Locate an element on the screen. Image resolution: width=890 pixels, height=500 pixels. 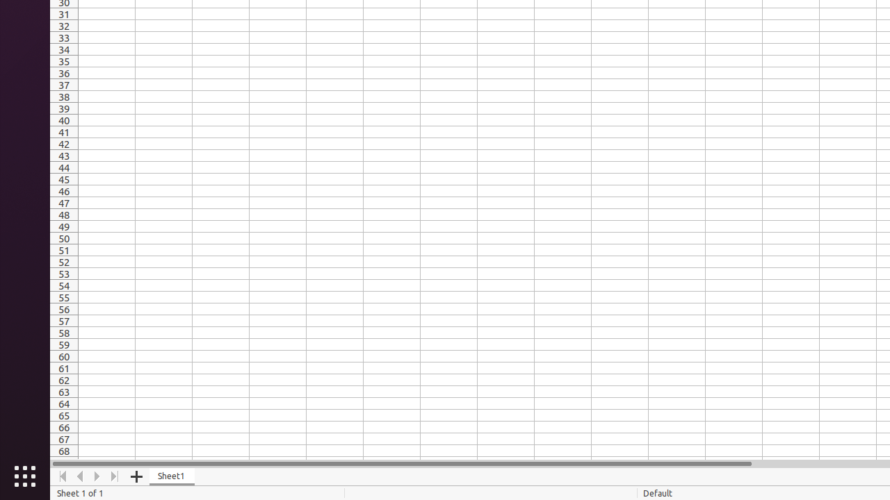
'Move To End' is located at coordinates (115, 476).